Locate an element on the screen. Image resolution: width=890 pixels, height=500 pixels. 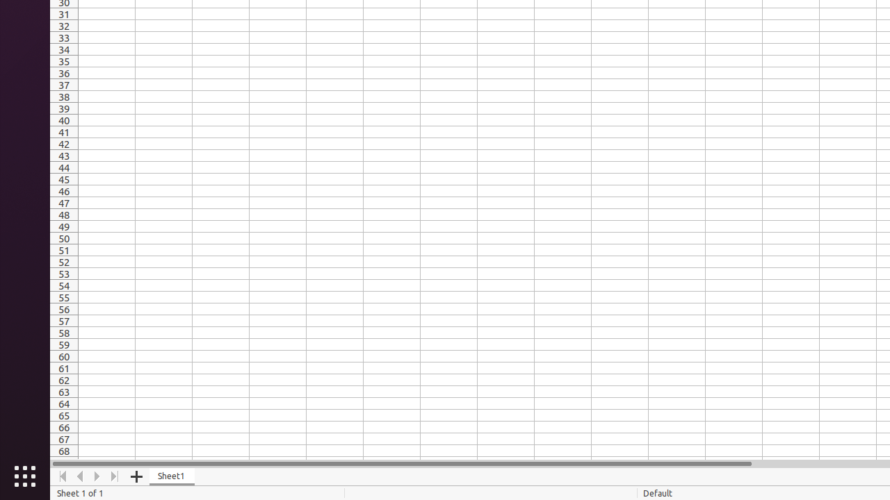
'Move To End' is located at coordinates (115, 476).